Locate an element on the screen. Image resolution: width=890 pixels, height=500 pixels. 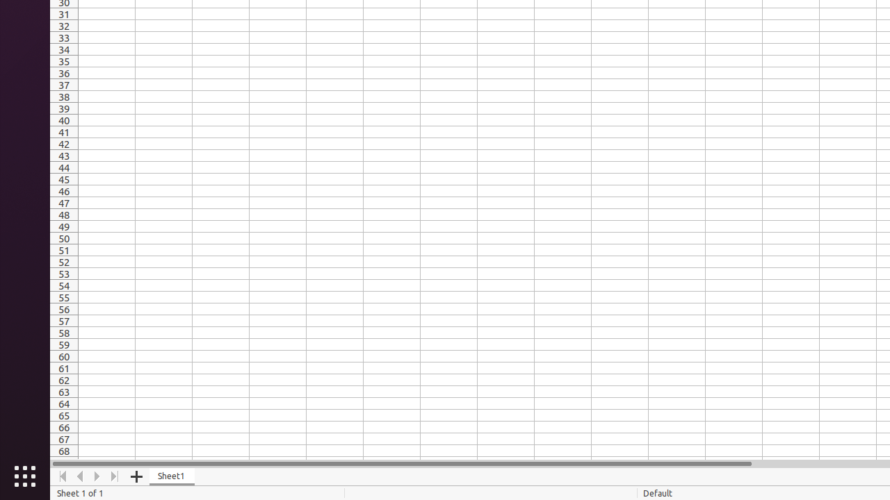
'Move To End' is located at coordinates (115, 476).